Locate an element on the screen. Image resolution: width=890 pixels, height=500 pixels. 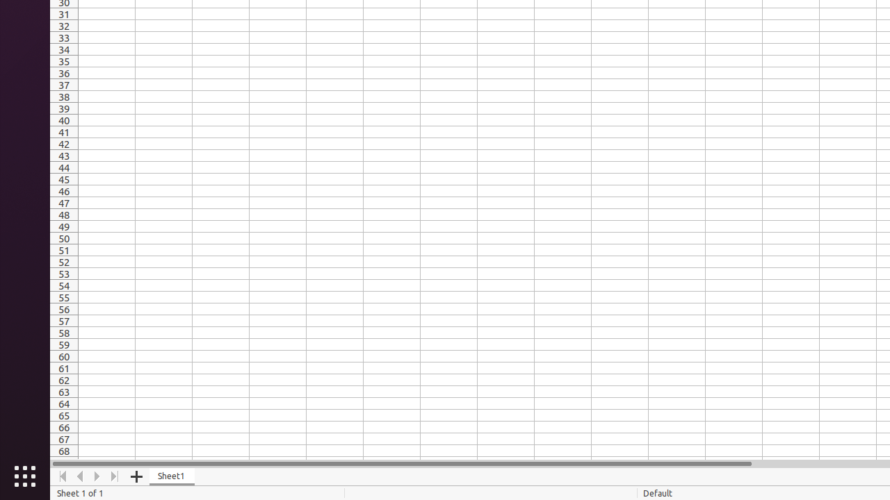
'Move To End' is located at coordinates (115, 476).